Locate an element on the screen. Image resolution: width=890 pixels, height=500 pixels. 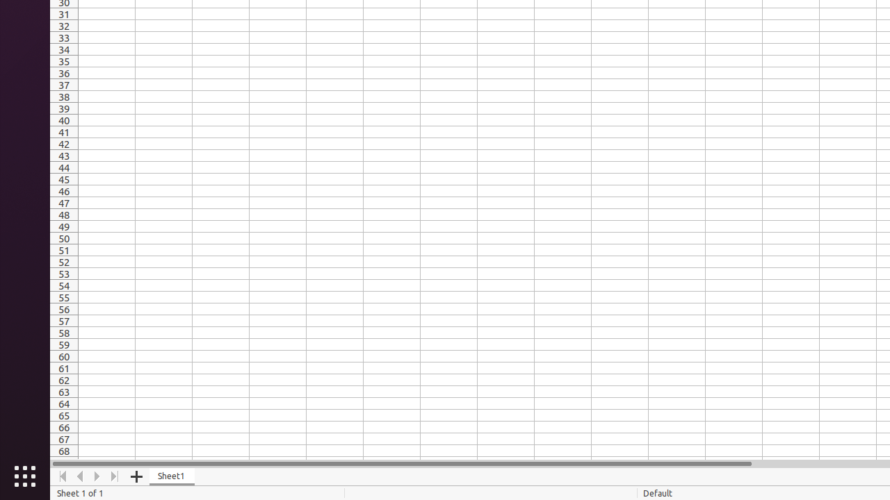
'Move To End' is located at coordinates (115, 476).